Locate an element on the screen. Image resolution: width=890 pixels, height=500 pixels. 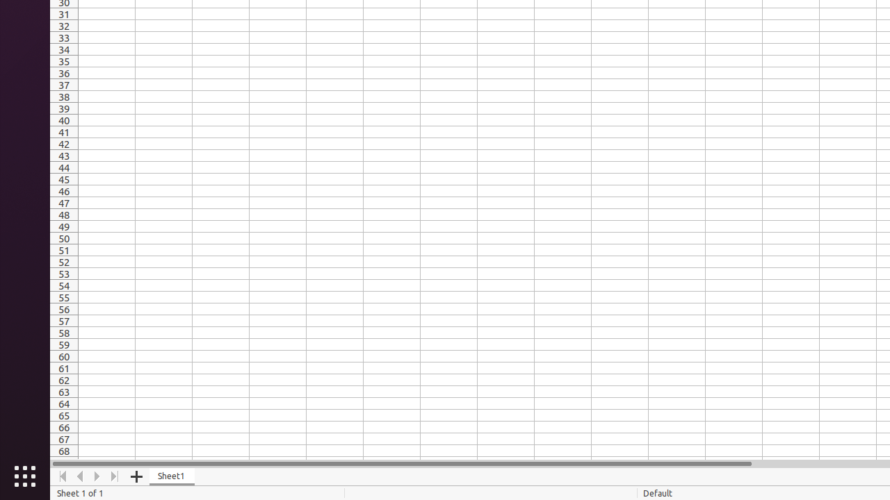
'Move To End' is located at coordinates (115, 476).